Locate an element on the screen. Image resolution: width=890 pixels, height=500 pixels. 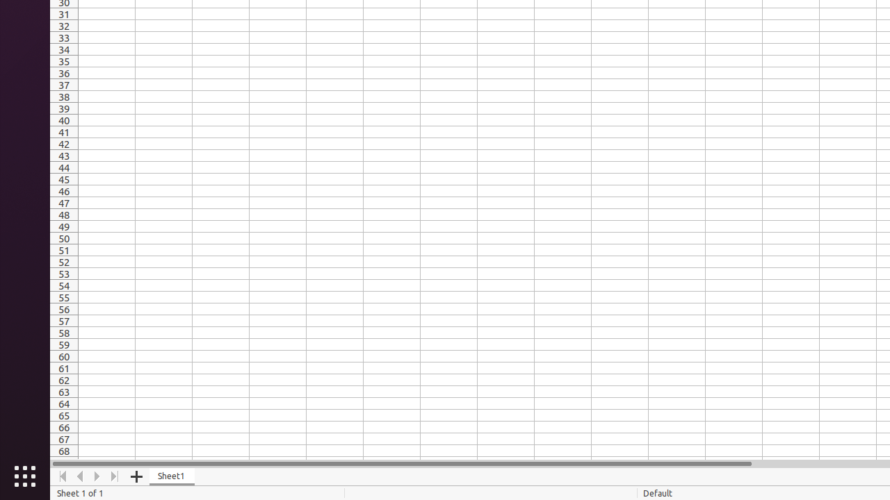
'Move To End' is located at coordinates (115, 476).